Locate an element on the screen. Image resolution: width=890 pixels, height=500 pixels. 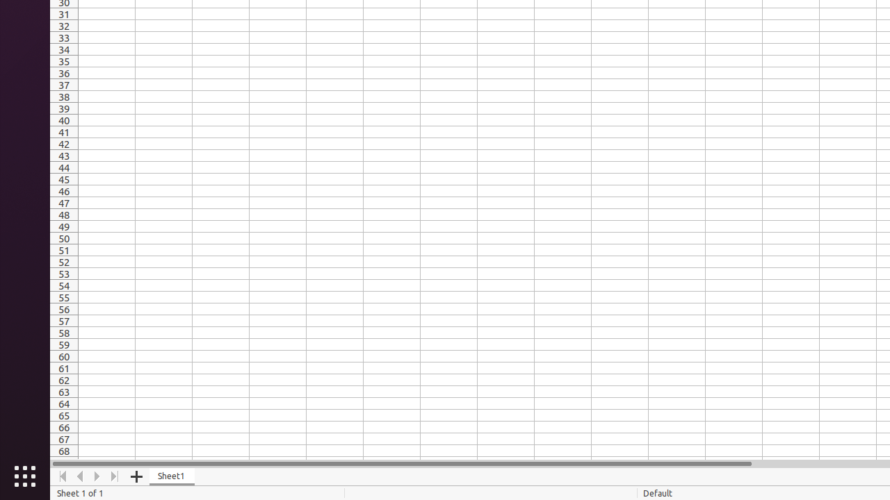
'Move To End' is located at coordinates (115, 476).